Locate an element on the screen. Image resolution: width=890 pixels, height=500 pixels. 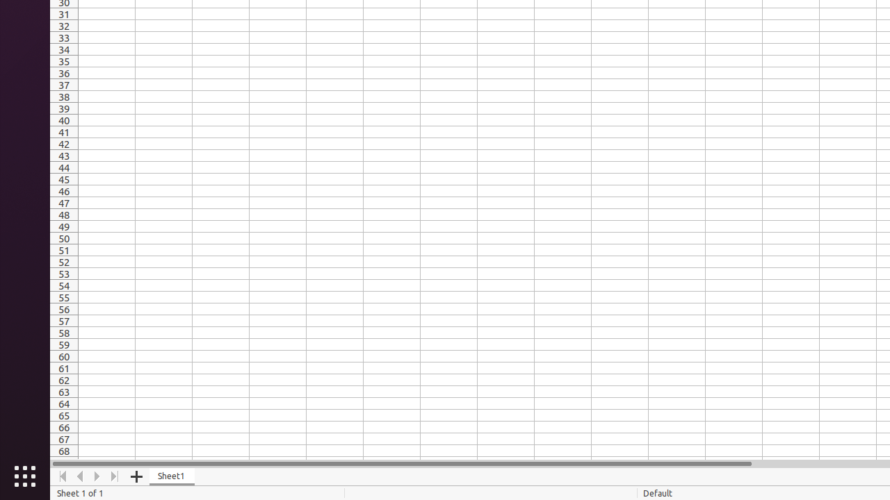
'Move To End' is located at coordinates (115, 476).